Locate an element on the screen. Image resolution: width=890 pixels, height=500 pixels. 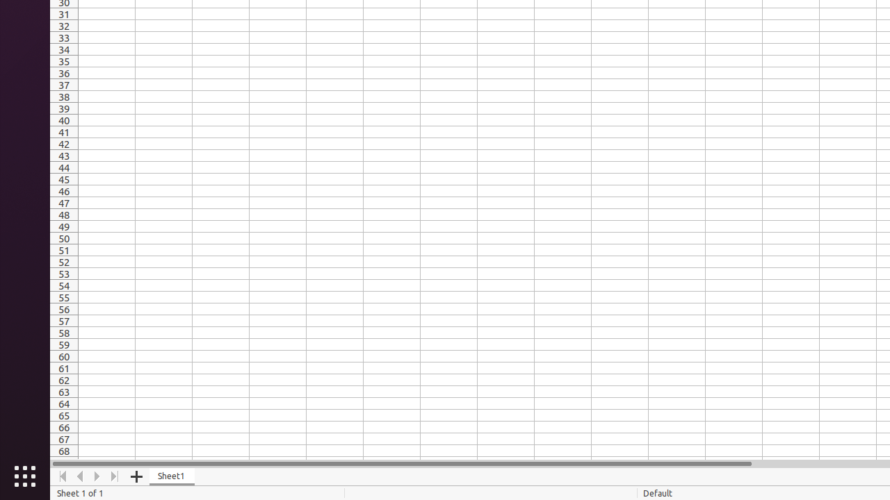
'Move To End' is located at coordinates (115, 476).